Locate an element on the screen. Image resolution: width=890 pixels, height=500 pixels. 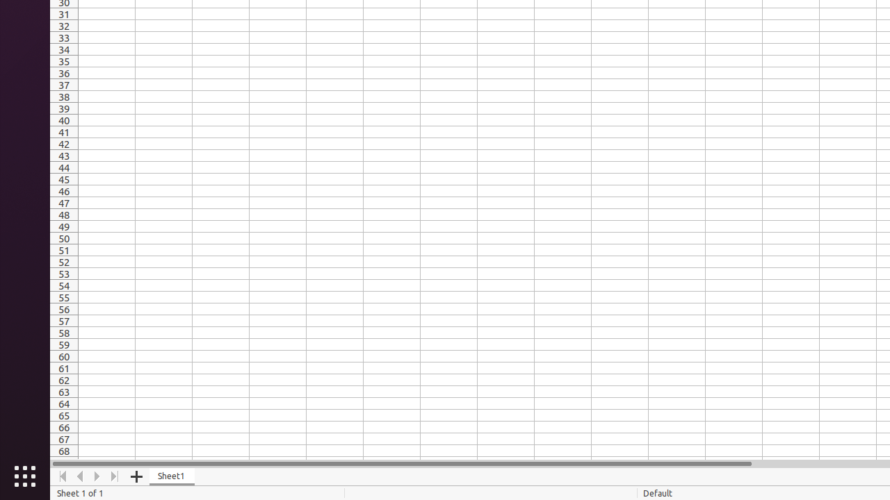
'Move To End' is located at coordinates (115, 476).